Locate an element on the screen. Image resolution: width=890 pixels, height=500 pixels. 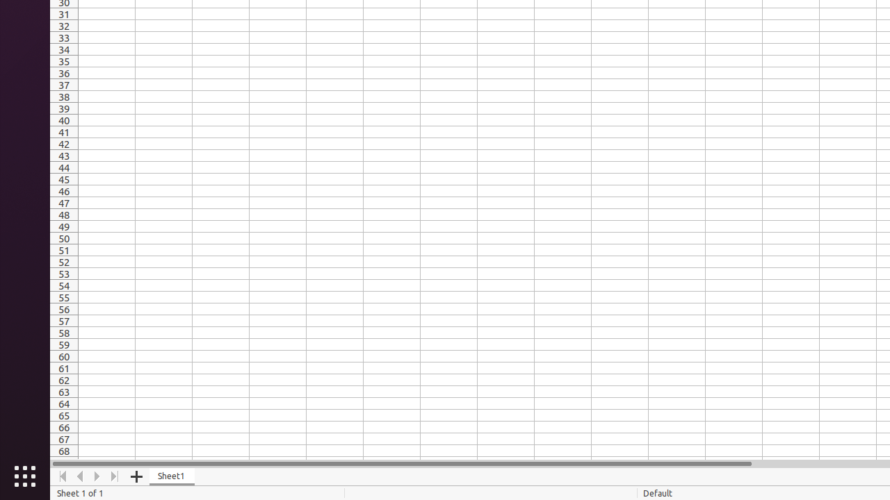
'Move To End' is located at coordinates (115, 476).